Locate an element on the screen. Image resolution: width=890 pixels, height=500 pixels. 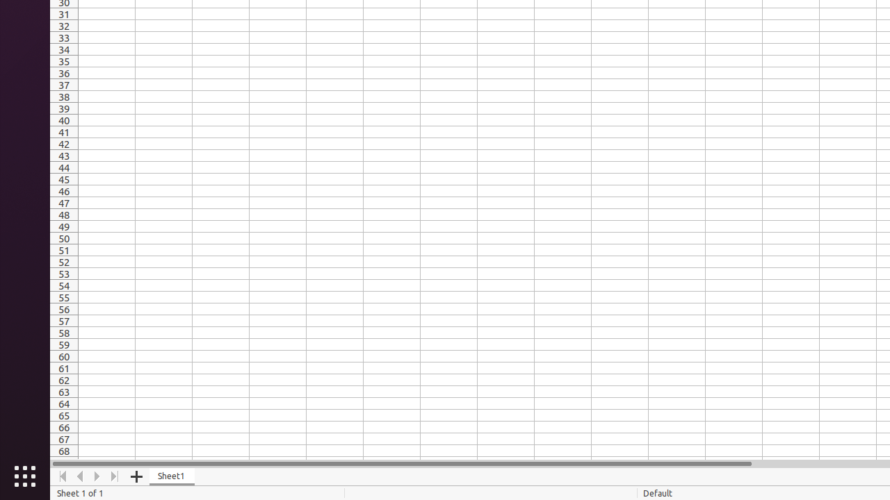
'Move To End' is located at coordinates (115, 476).